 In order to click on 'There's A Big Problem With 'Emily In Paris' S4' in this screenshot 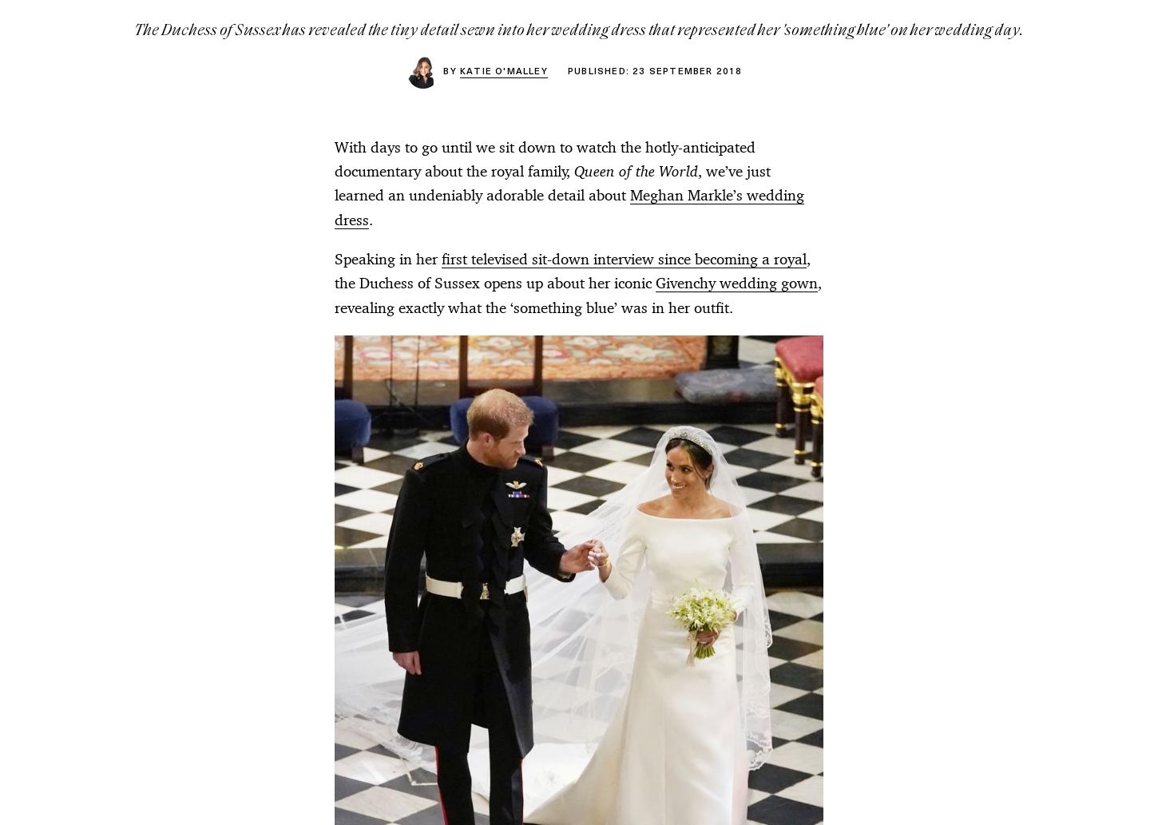, I will do `click(589, 112)`.